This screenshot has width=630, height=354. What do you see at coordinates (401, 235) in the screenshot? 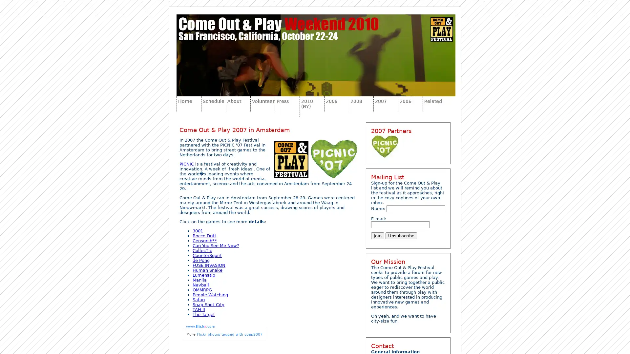
I see `Unsubscribe` at bounding box center [401, 235].